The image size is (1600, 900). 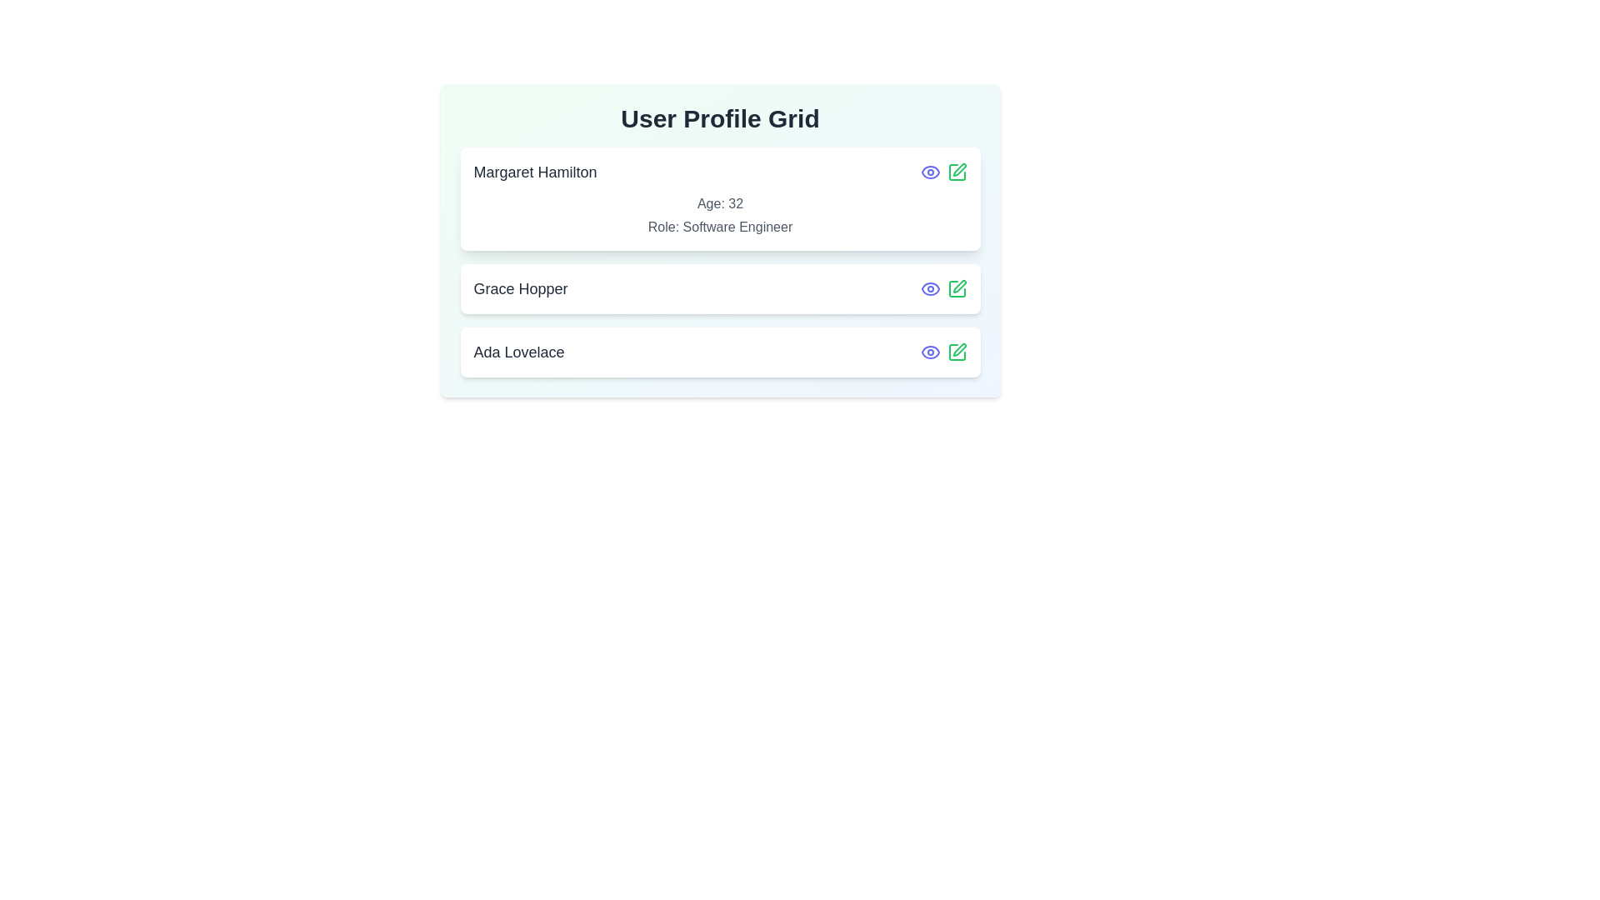 I want to click on edit icon for the profile Ada Lovelace, so click(x=957, y=352).